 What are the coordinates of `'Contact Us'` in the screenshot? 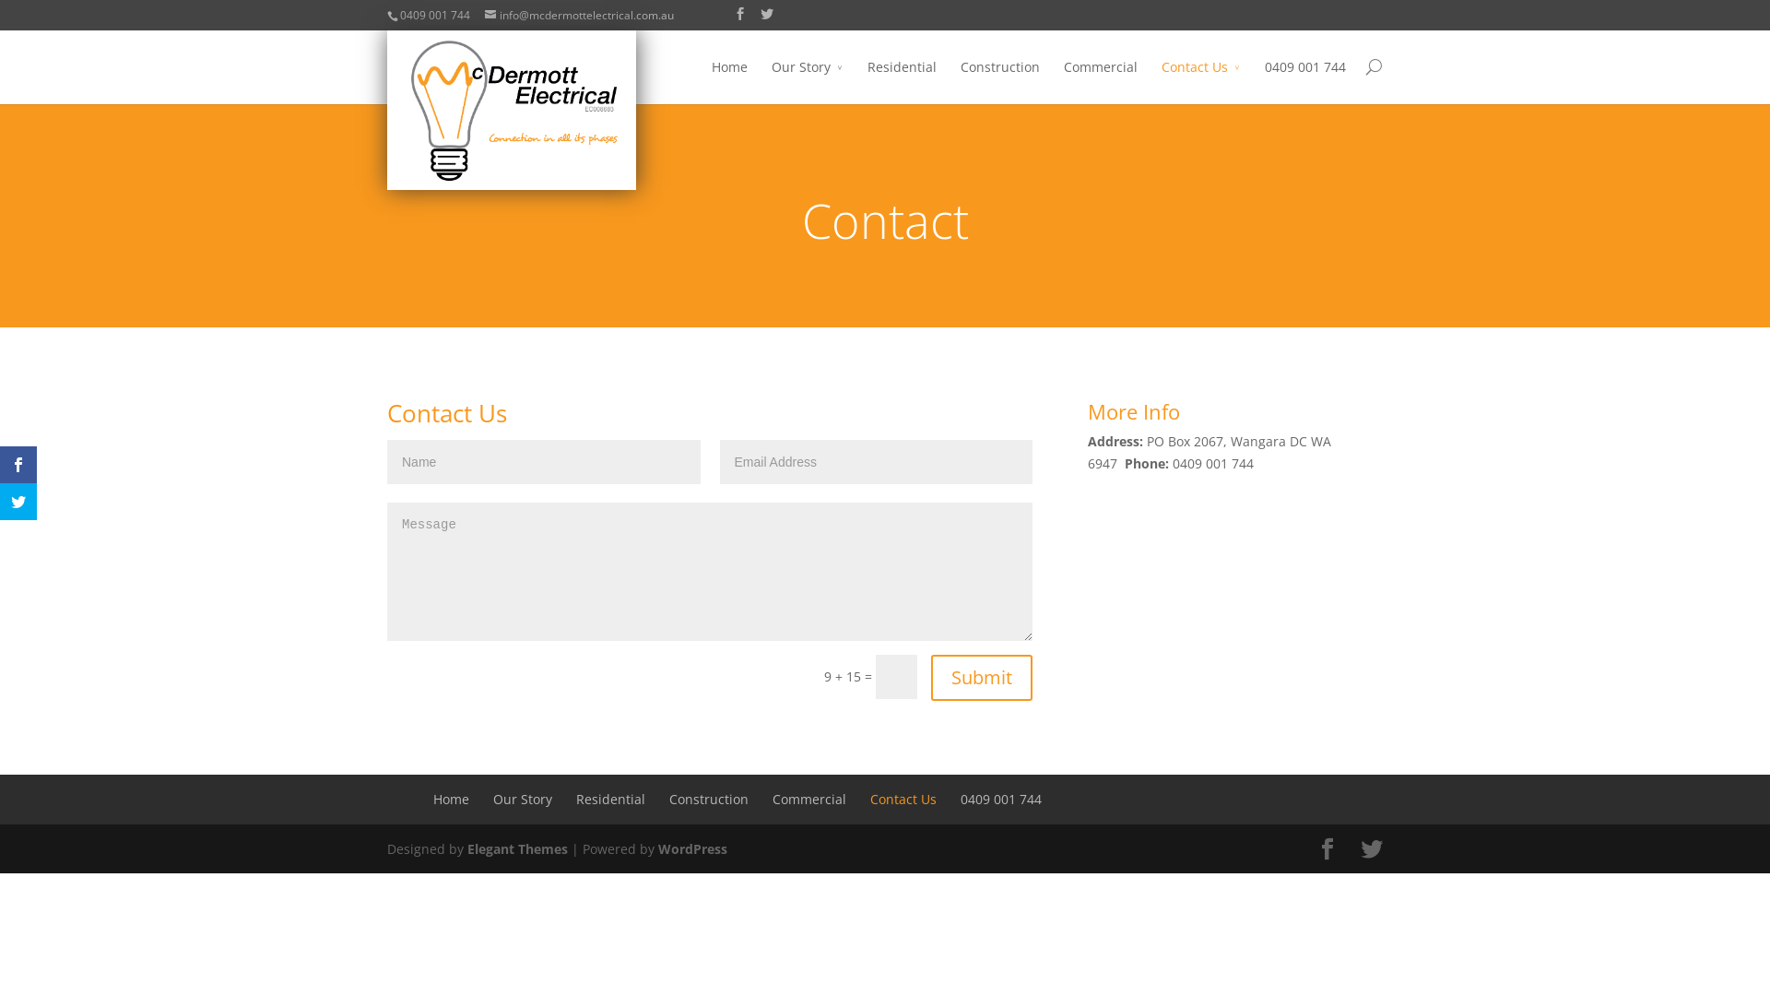 It's located at (1200, 79).